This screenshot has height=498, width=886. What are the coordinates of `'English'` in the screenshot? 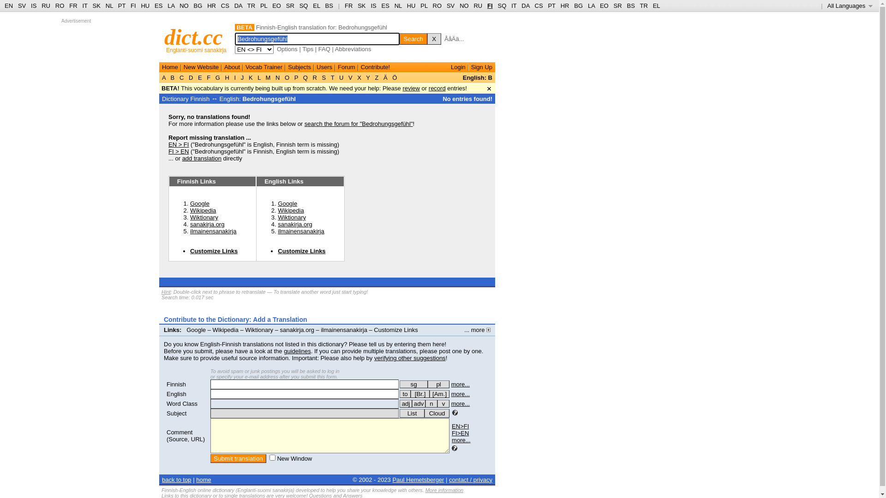 It's located at (176, 394).